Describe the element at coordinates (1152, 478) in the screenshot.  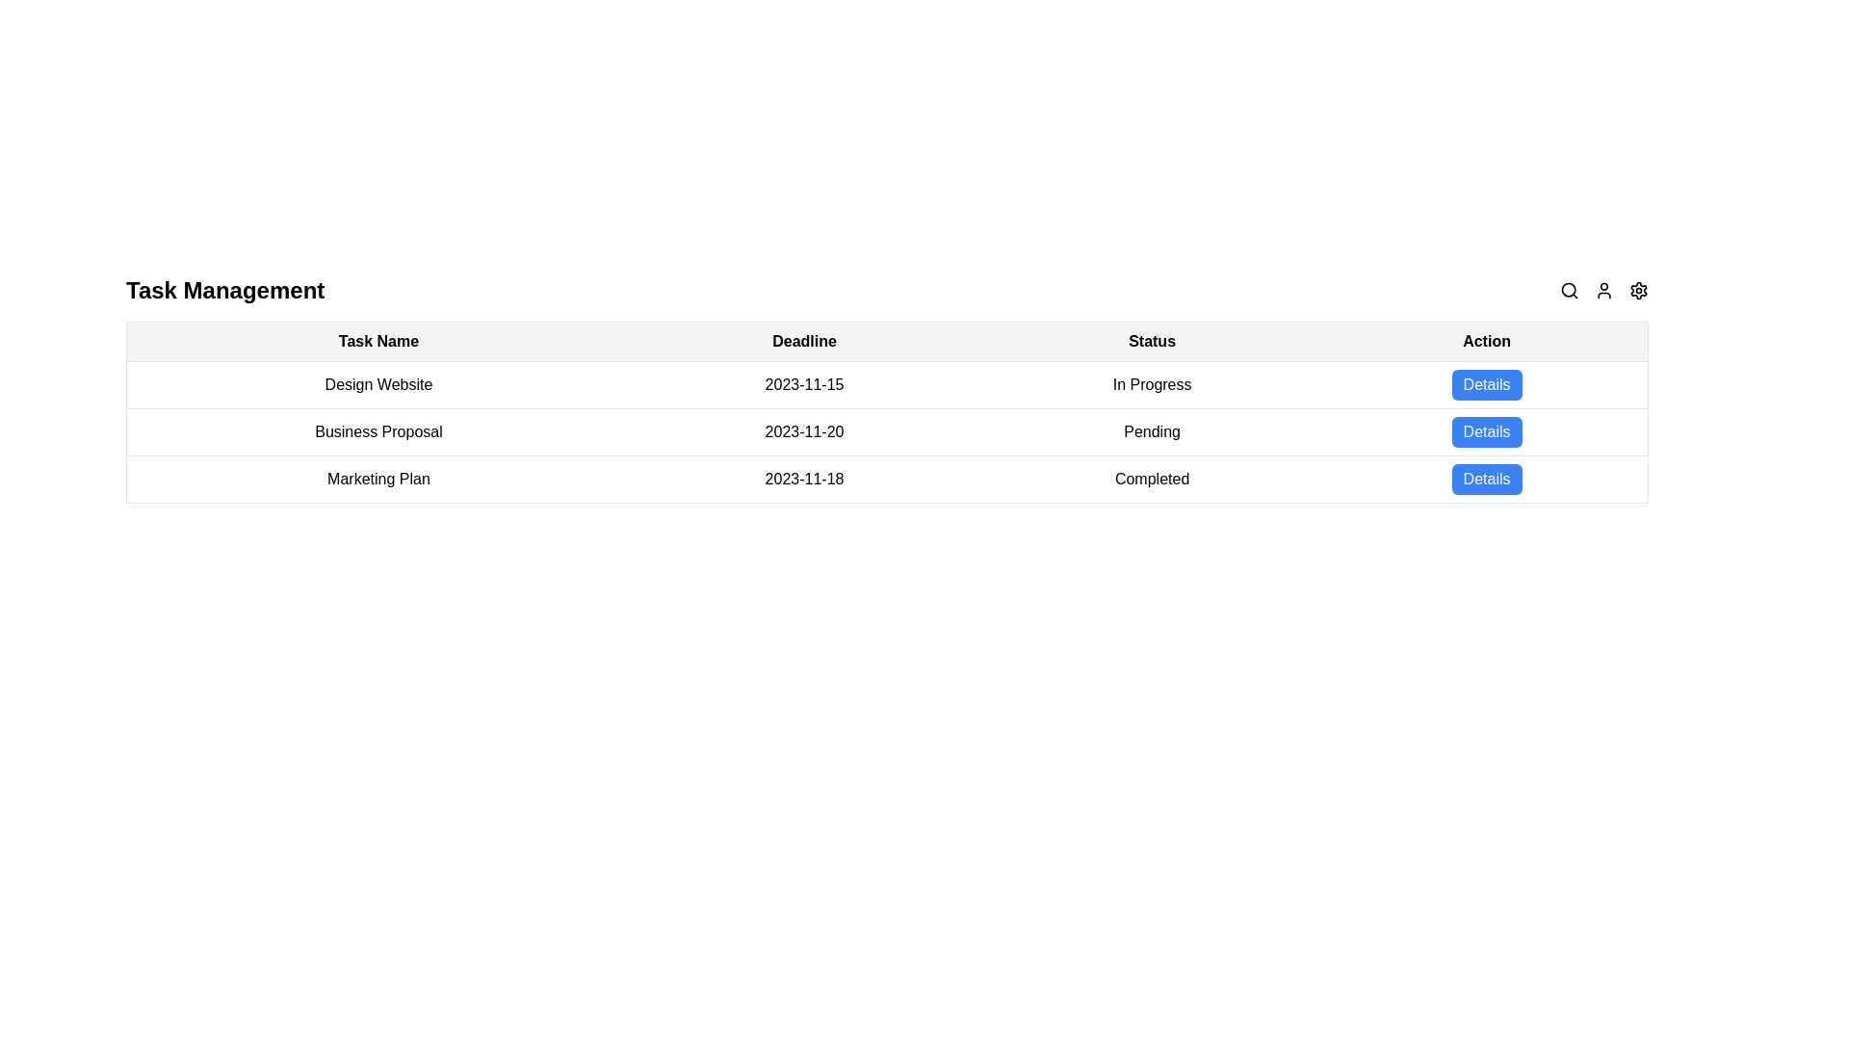
I see `the text label reading 'Completed' in the third row of the table under the 'Status' column` at that location.